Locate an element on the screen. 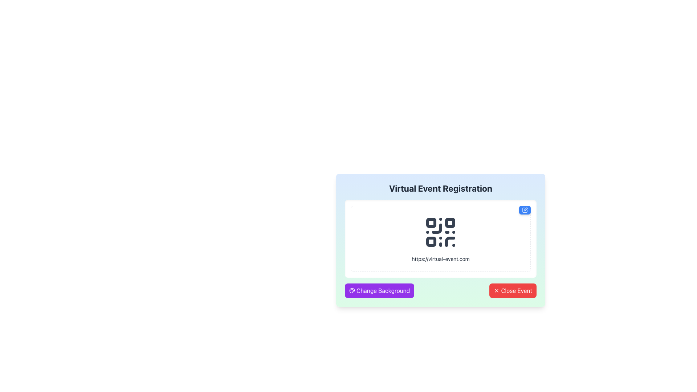 The height and width of the screenshot is (392, 697). the blue button with rounded corners and a white pen icon located in the top-right corner of the QR code box is located at coordinates (525, 210).